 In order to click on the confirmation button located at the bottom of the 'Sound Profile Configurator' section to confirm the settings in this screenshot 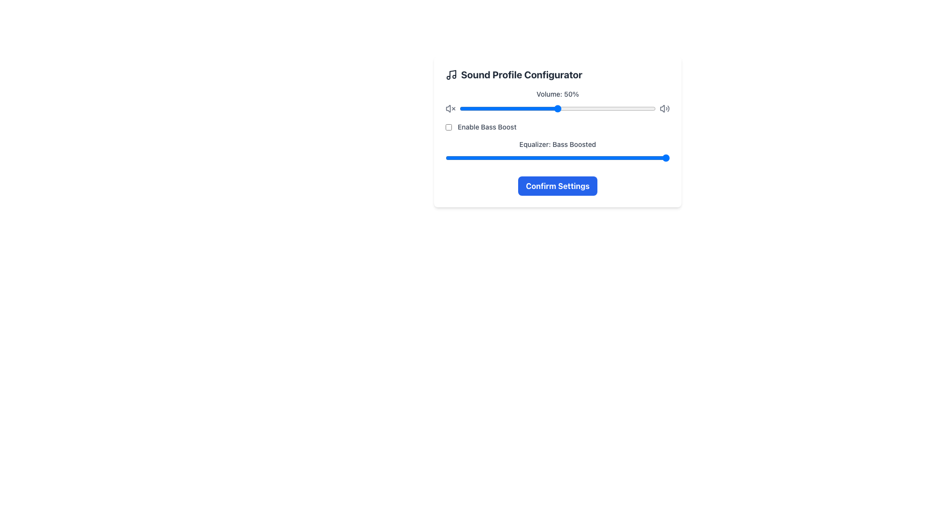, I will do `click(557, 186)`.